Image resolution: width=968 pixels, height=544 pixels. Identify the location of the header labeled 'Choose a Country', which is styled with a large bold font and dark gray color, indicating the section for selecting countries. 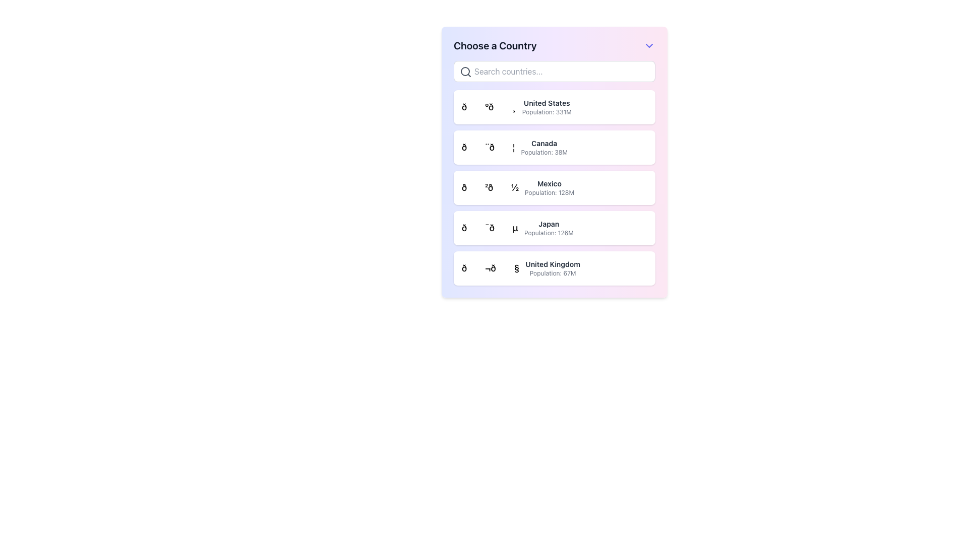
(495, 46).